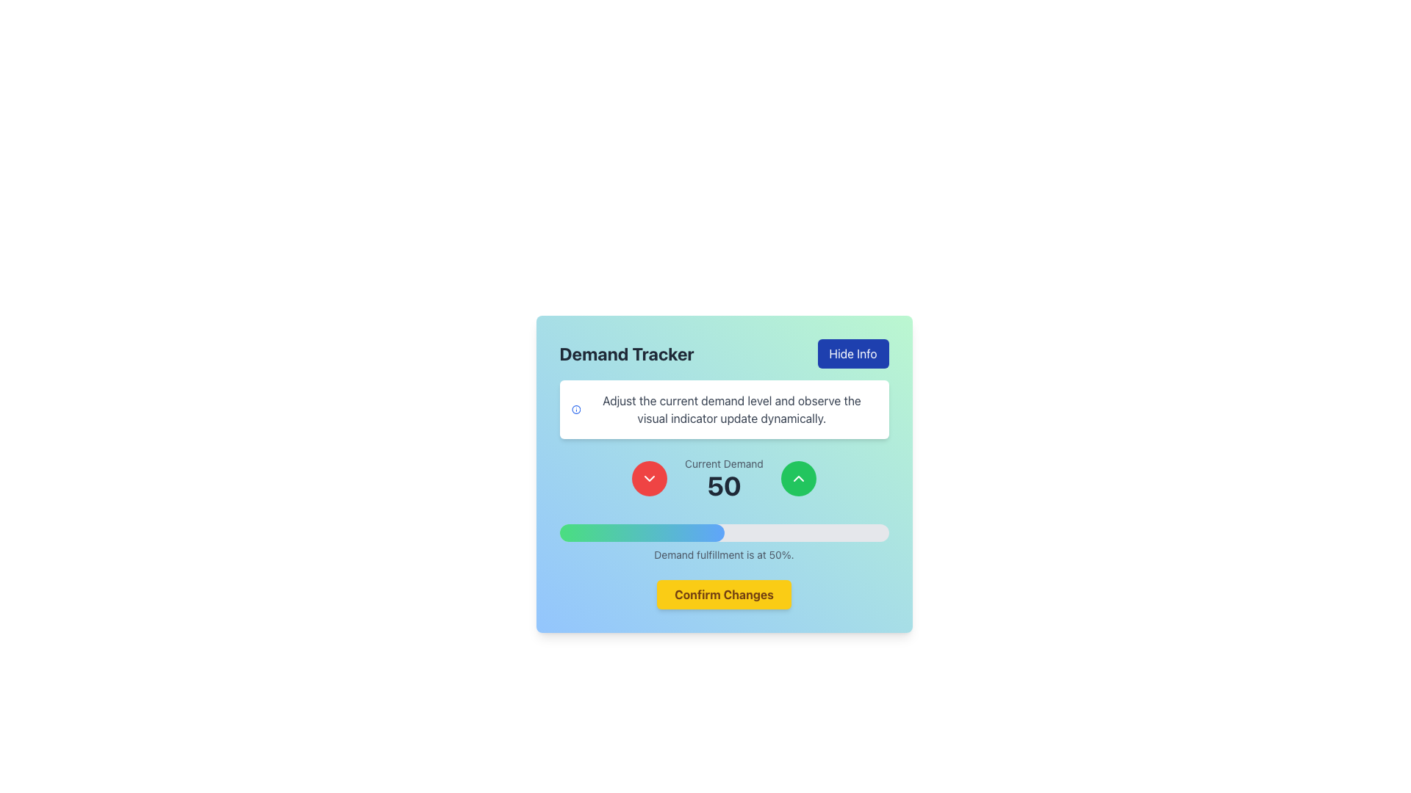 The image size is (1411, 793). I want to click on the circular green button with a white chevron icon located on the right side of the 'Current Demand' section, so click(797, 478).